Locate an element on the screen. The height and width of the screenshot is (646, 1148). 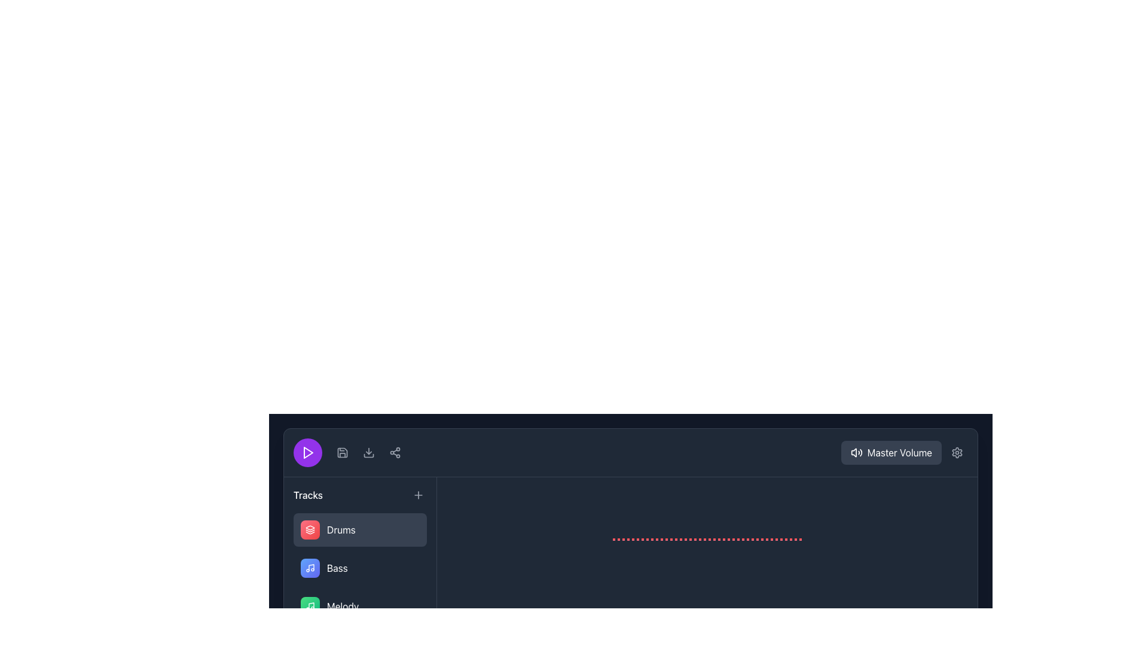
the 'Drums' list item in the 'Tracks' section is located at coordinates (328, 529).